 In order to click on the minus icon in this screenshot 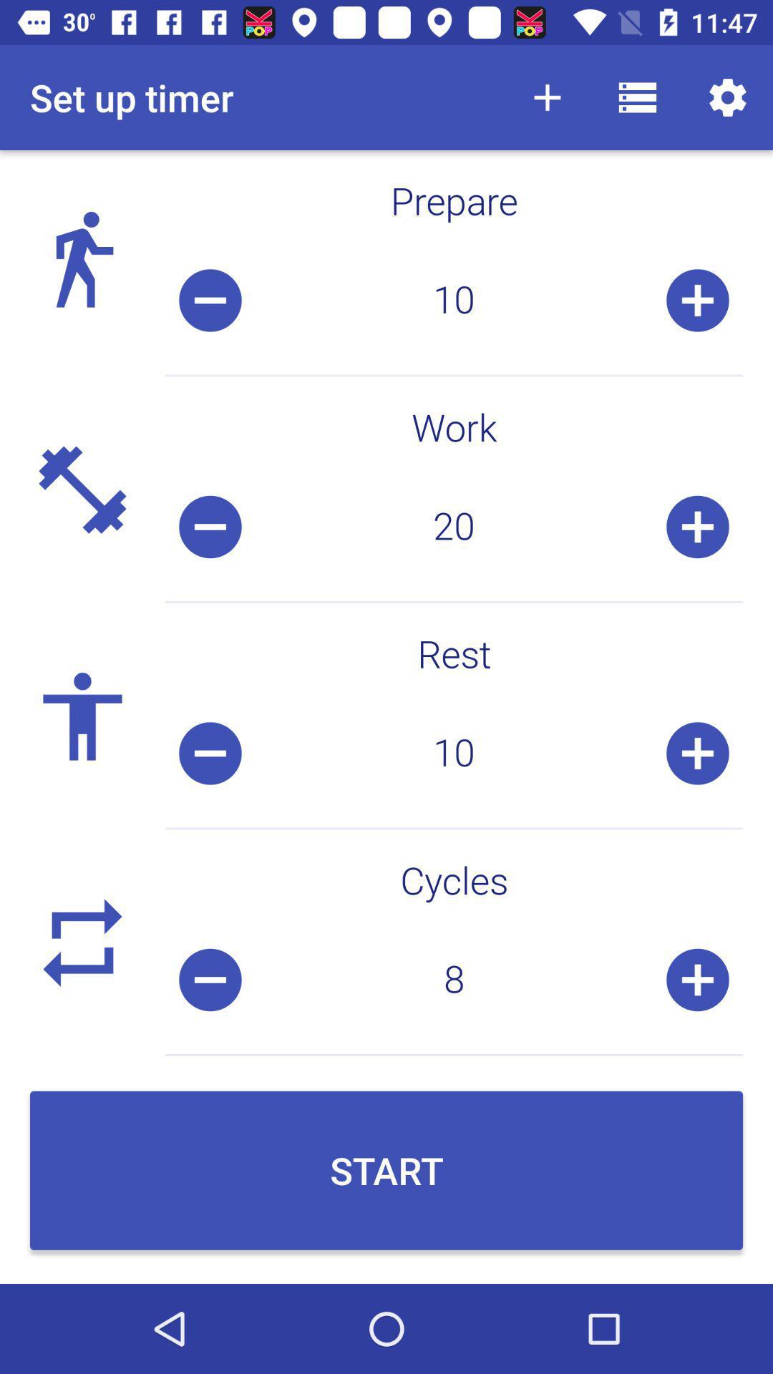, I will do `click(210, 752)`.